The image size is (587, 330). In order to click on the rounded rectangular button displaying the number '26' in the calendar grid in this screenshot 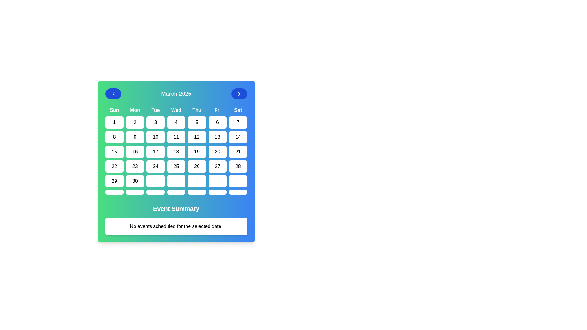, I will do `click(197, 166)`.